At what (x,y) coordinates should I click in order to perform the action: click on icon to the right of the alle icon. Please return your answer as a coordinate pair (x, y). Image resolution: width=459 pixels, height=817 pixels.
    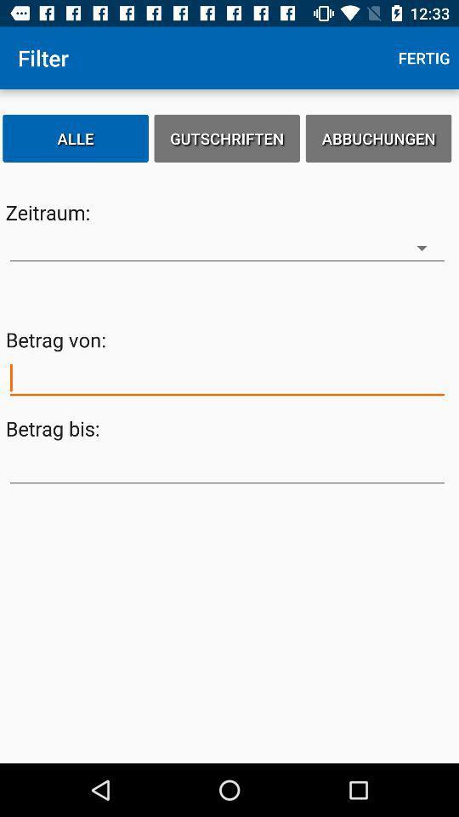
    Looking at the image, I should click on (227, 137).